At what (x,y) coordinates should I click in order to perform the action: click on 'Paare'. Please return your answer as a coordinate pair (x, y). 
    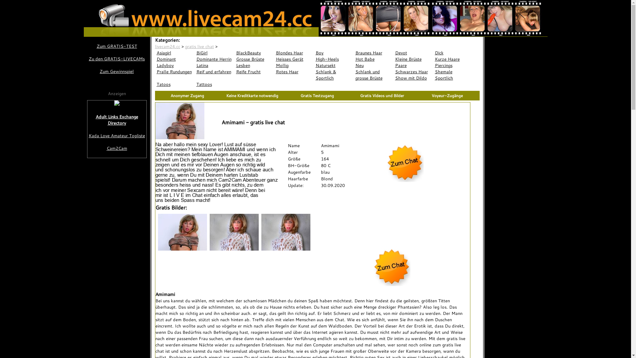
    Looking at the image, I should click on (413, 65).